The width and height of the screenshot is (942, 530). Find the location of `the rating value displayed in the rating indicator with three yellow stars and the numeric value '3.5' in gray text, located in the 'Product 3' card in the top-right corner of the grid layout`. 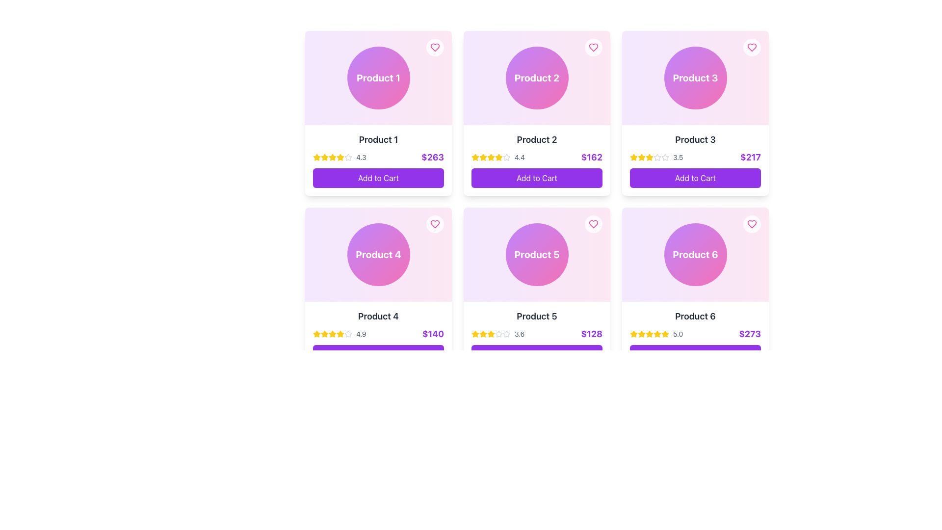

the rating value displayed in the rating indicator with three yellow stars and the numeric value '3.5' in gray text, located in the 'Product 3' card in the top-right corner of the grid layout is located at coordinates (656, 157).